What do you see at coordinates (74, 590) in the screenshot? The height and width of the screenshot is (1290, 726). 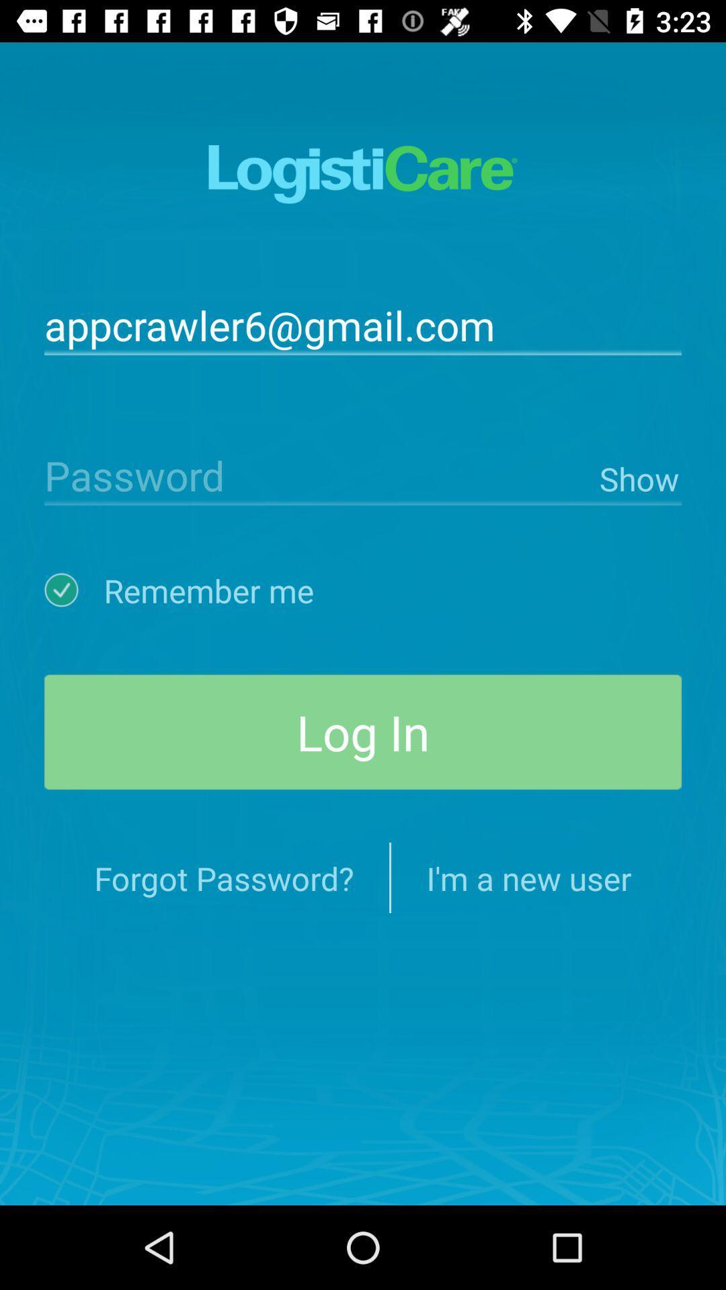 I see `remember me` at bounding box center [74, 590].